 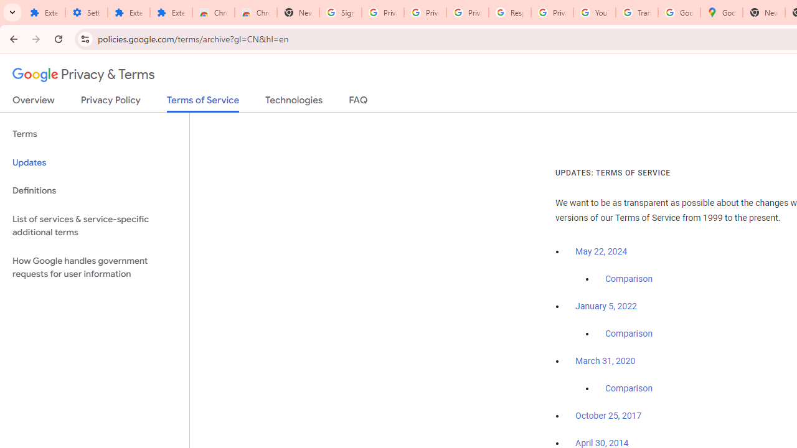 What do you see at coordinates (628, 388) in the screenshot?
I see `'Comparison'` at bounding box center [628, 388].